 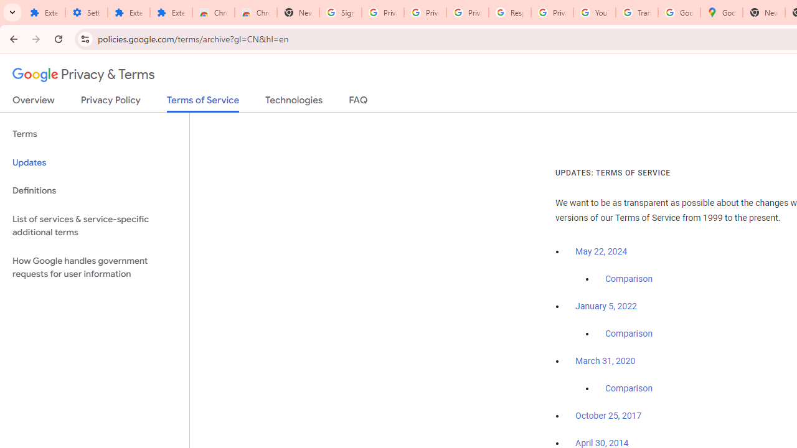 What do you see at coordinates (628, 388) in the screenshot?
I see `'Comparison'` at bounding box center [628, 388].